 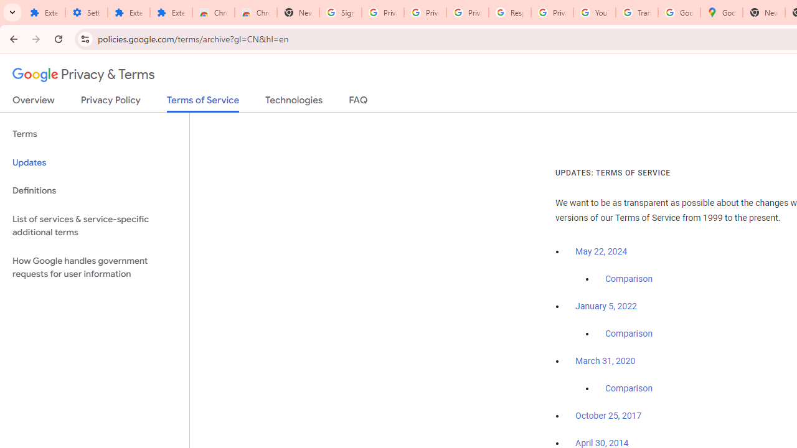 What do you see at coordinates (628, 388) in the screenshot?
I see `'Comparison'` at bounding box center [628, 388].